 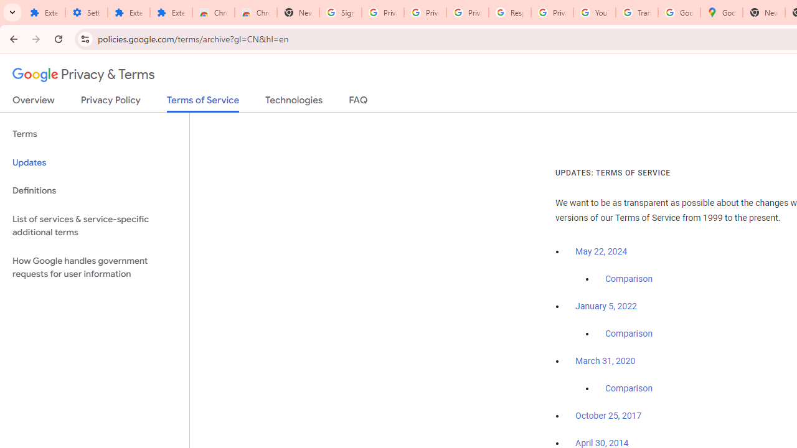 What do you see at coordinates (628, 388) in the screenshot?
I see `'Comparison'` at bounding box center [628, 388].